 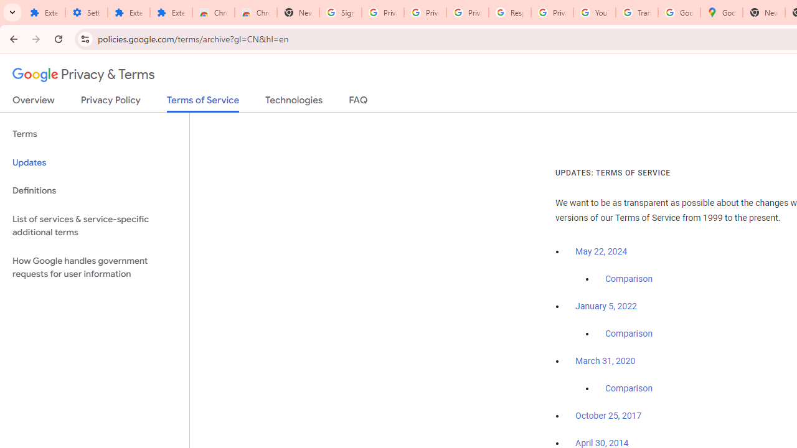 What do you see at coordinates (628, 388) in the screenshot?
I see `'Comparison'` at bounding box center [628, 388].